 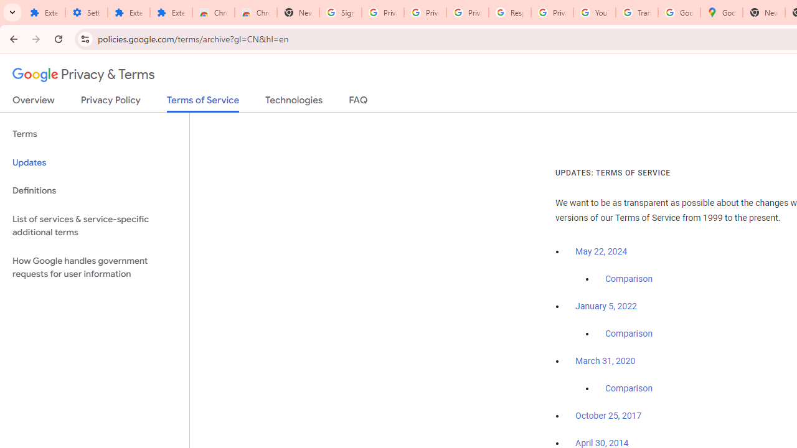 What do you see at coordinates (628, 388) in the screenshot?
I see `'Comparison'` at bounding box center [628, 388].